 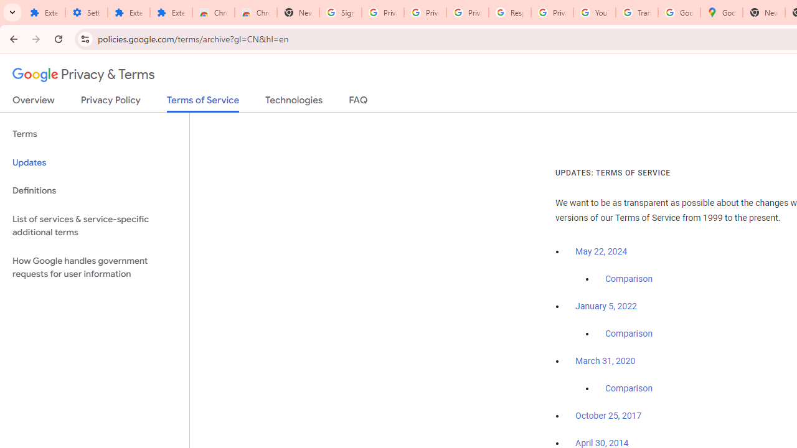 What do you see at coordinates (628, 388) in the screenshot?
I see `'Comparison'` at bounding box center [628, 388].